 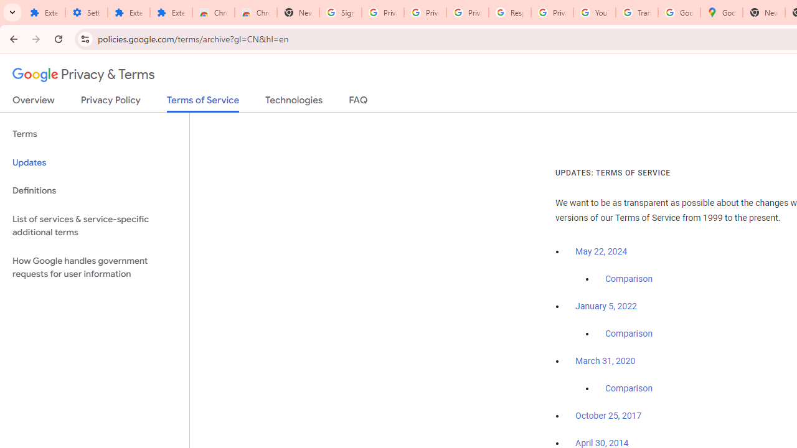 What do you see at coordinates (628, 388) in the screenshot?
I see `'Comparison'` at bounding box center [628, 388].